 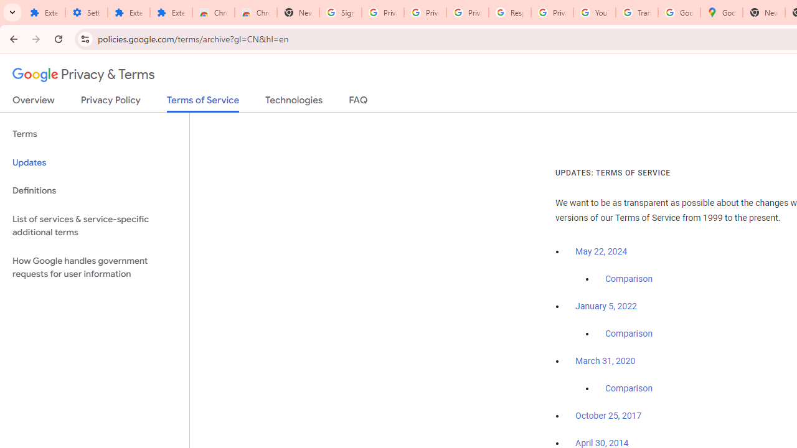 What do you see at coordinates (628, 388) in the screenshot?
I see `'Comparison'` at bounding box center [628, 388].